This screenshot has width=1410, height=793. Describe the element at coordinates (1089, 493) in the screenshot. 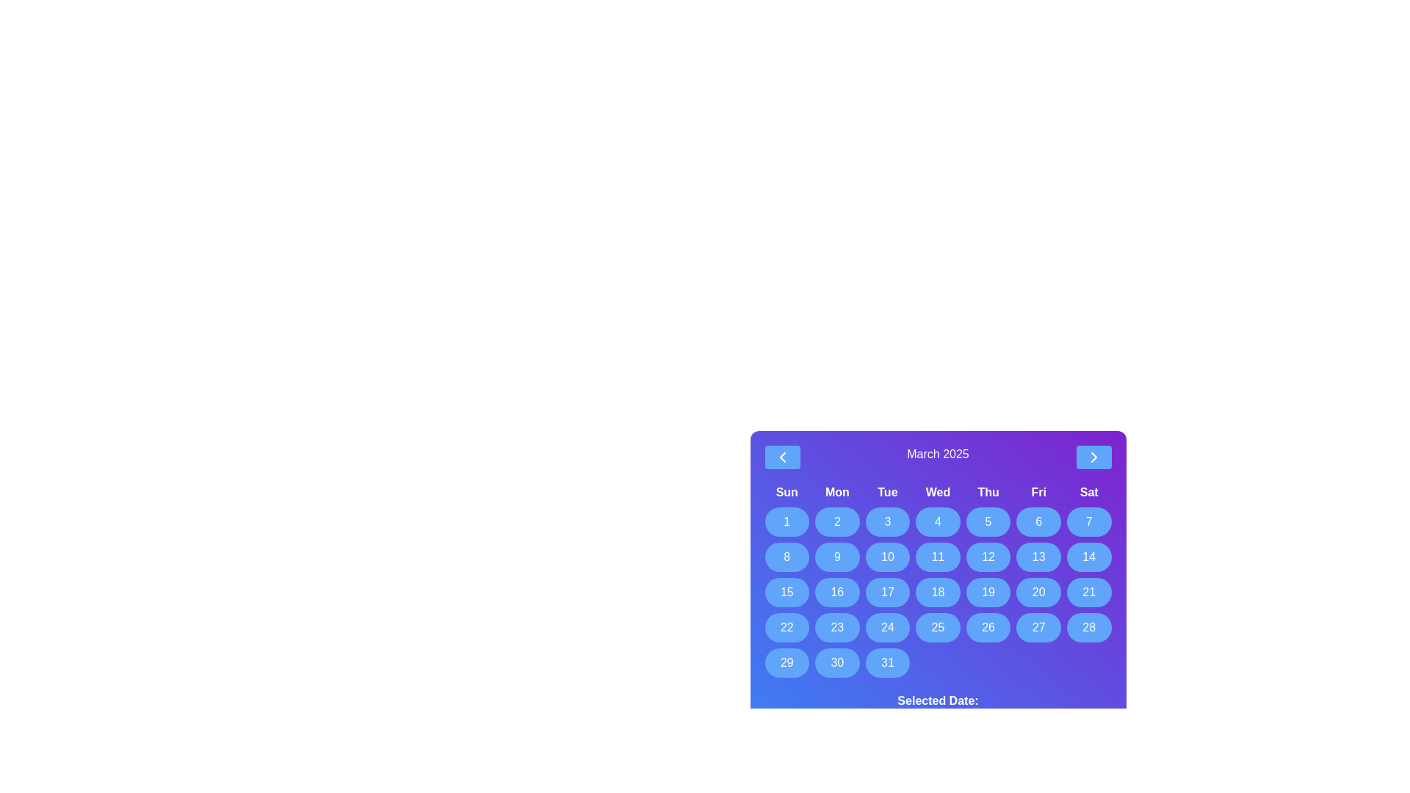

I see `the static label displaying 'Sat' in bold, which is the last item in the horizontal sequence of day names in the calendar header` at that location.